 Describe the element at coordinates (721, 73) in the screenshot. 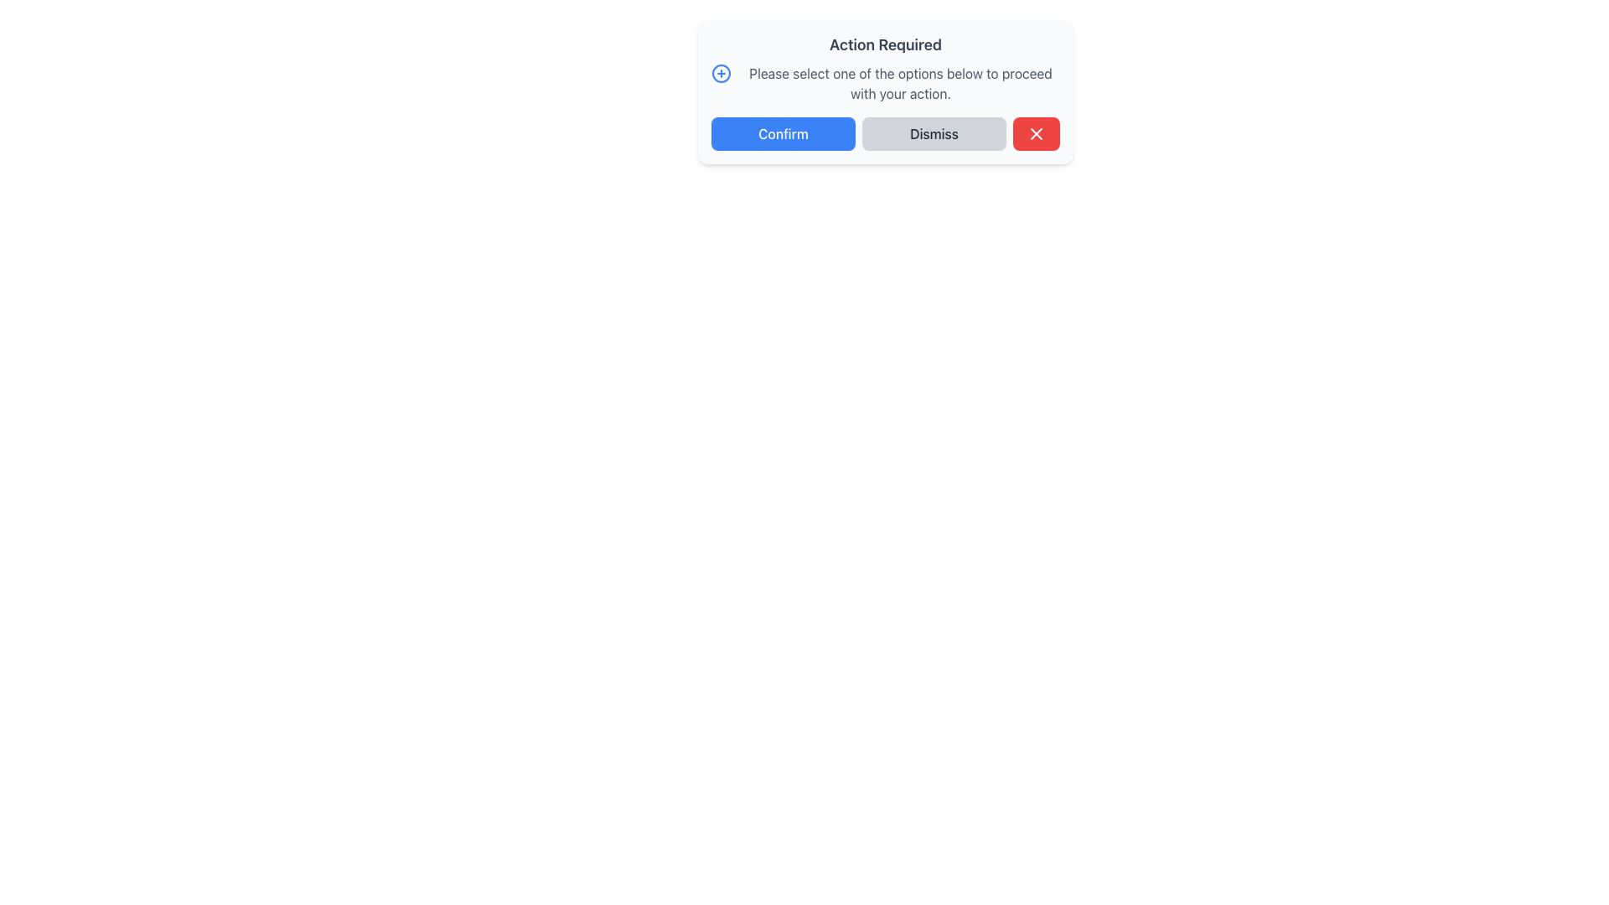

I see `the circular '+' icon represented by an SVG shape located at the top-left corner of the dialog box` at that location.